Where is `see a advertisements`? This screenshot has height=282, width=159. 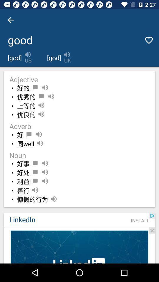
see a advertisements is located at coordinates (79, 247).